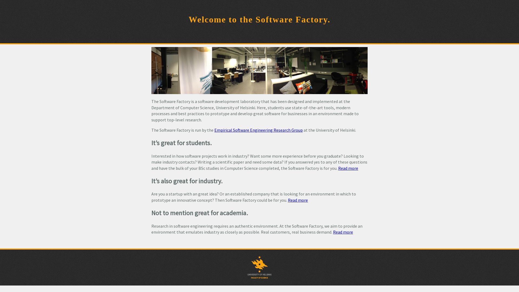 This screenshot has height=292, width=519. I want to click on 'Empirical Software Engineering Research Group', so click(258, 130).